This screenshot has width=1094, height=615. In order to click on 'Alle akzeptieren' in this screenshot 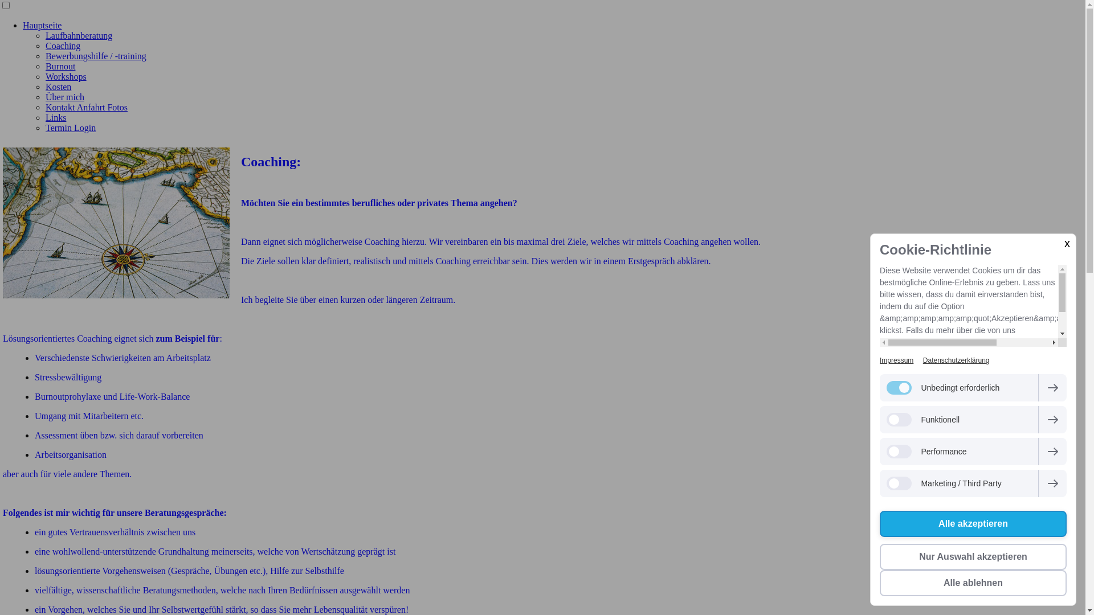, I will do `click(973, 524)`.